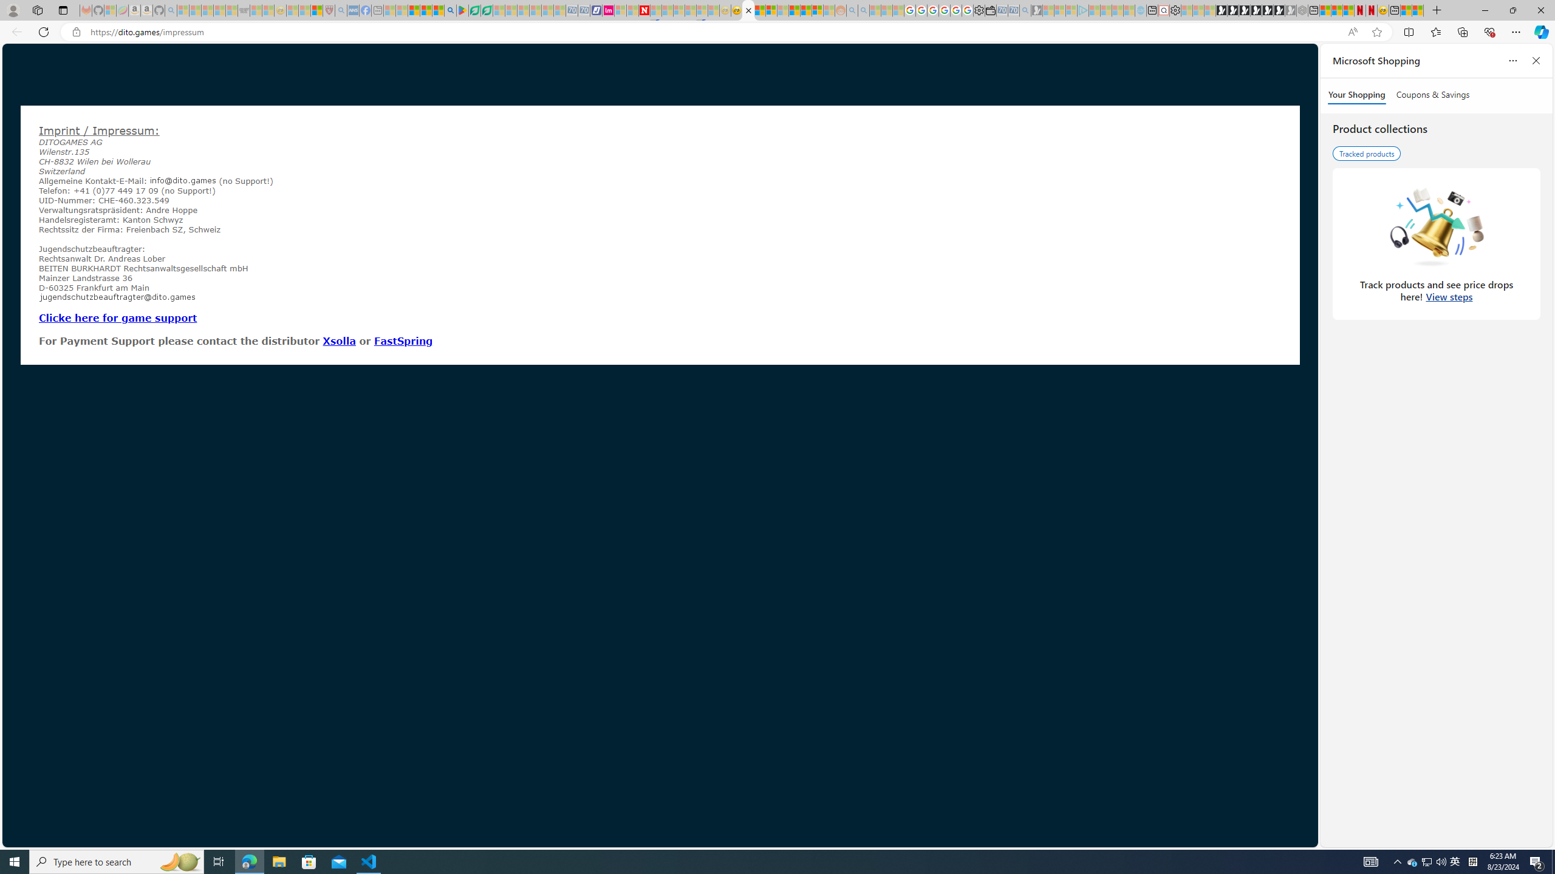 Image resolution: width=1555 pixels, height=874 pixels. I want to click on 'Trusted Community Engagement and Contributions | Guidelines', so click(656, 10).